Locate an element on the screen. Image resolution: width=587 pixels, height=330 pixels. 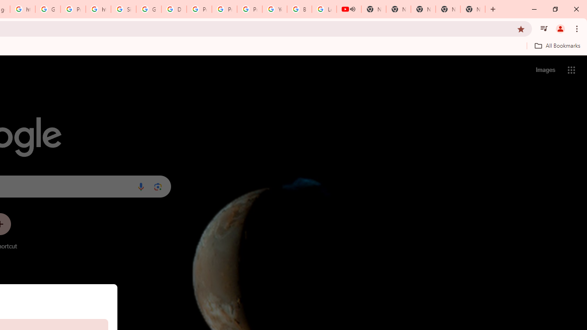
'https://scholar.google.com/' is located at coordinates (98, 9).